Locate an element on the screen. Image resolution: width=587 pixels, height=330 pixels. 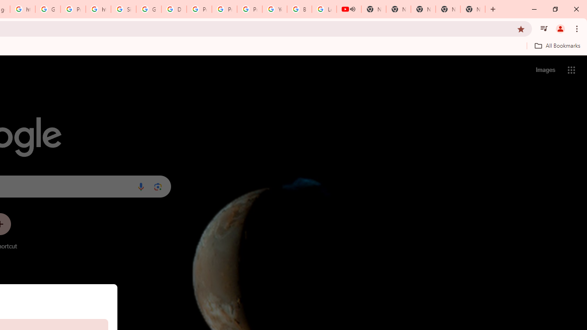
'https://scholar.google.com/' is located at coordinates (98, 9).